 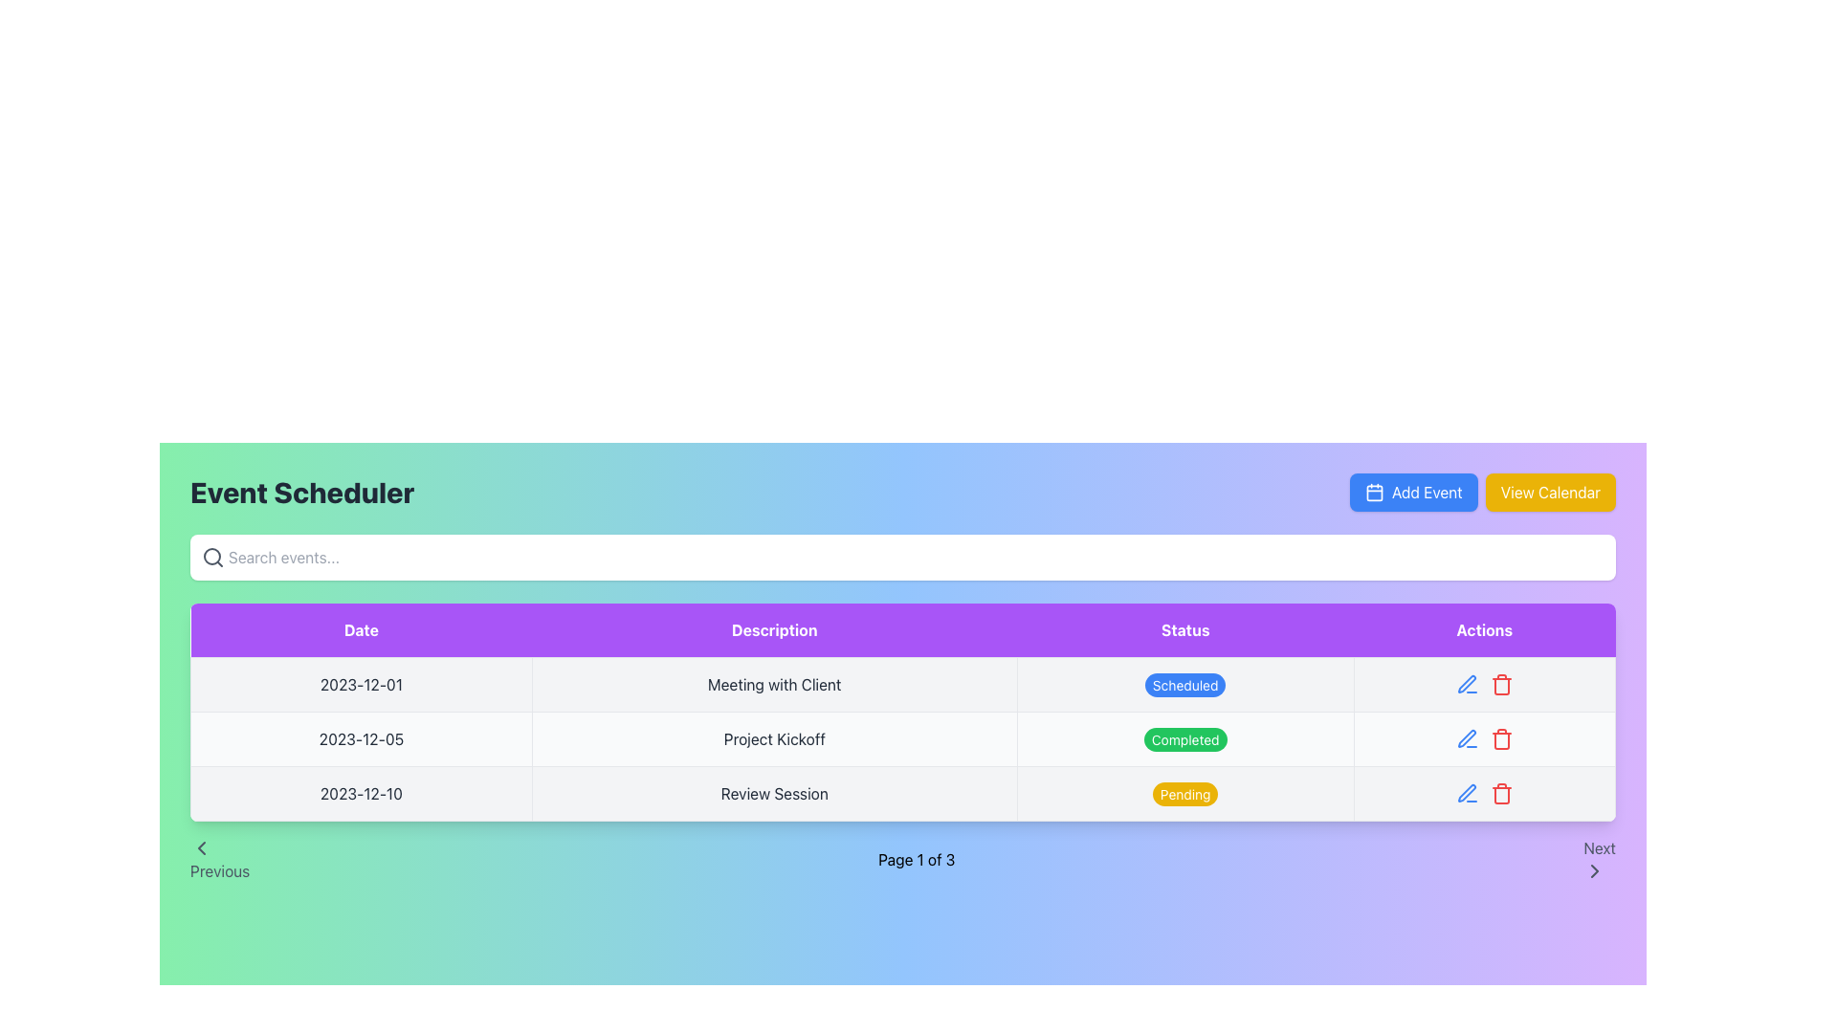 I want to click on the date text element located in the third row of the table under the 'Date' column, which displays an event or milestone, so click(x=361, y=793).